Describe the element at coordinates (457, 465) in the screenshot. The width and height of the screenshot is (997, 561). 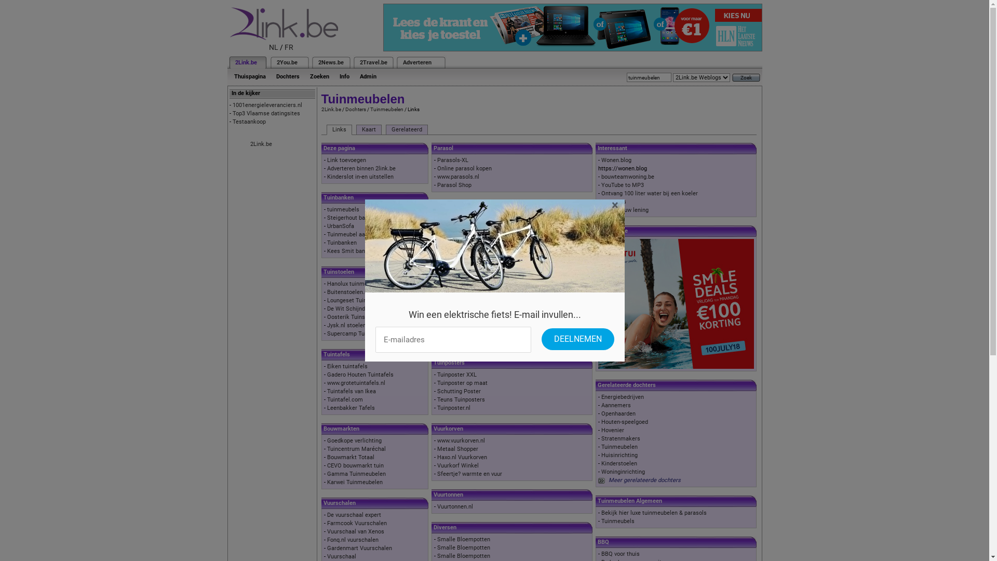
I see `'Vuurkorf Winkel'` at that location.